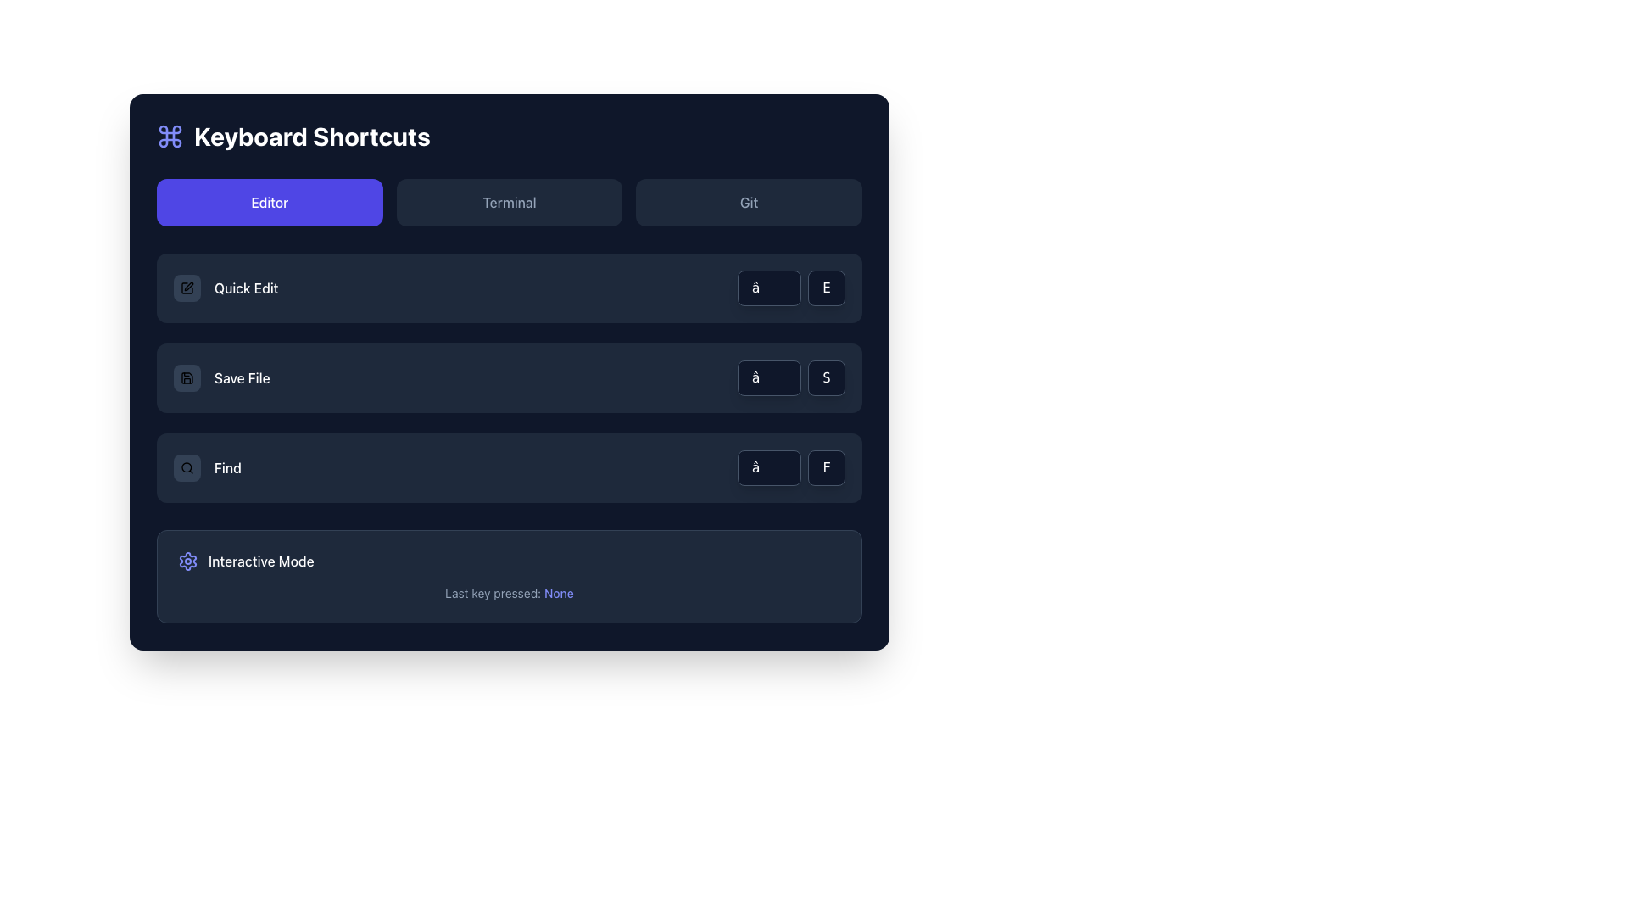  What do you see at coordinates (245, 287) in the screenshot?
I see `the Text Label that serves as a descriptor for the associated action in the shortcut list under the 'Editor' tab` at bounding box center [245, 287].